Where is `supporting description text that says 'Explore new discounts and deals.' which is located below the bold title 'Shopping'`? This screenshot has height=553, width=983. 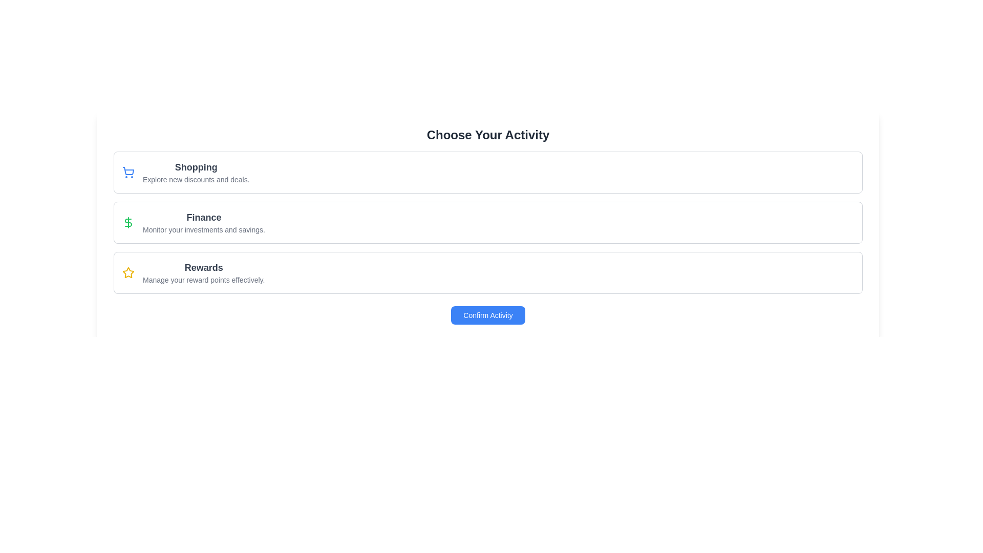 supporting description text that says 'Explore new discounts and deals.' which is located below the bold title 'Shopping' is located at coordinates (196, 179).